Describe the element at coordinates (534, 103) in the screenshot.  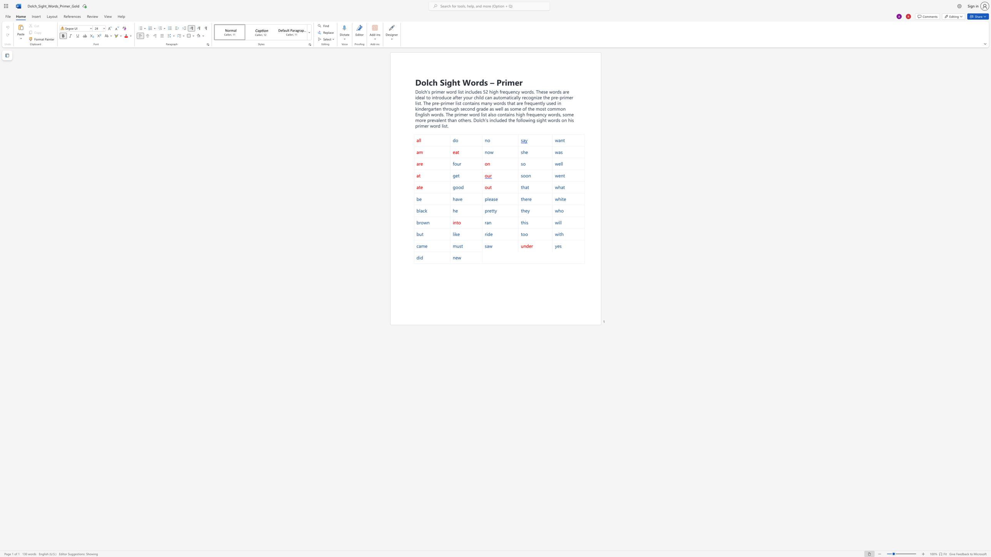
I see `the subset text "ently" within the text "frequently"` at that location.